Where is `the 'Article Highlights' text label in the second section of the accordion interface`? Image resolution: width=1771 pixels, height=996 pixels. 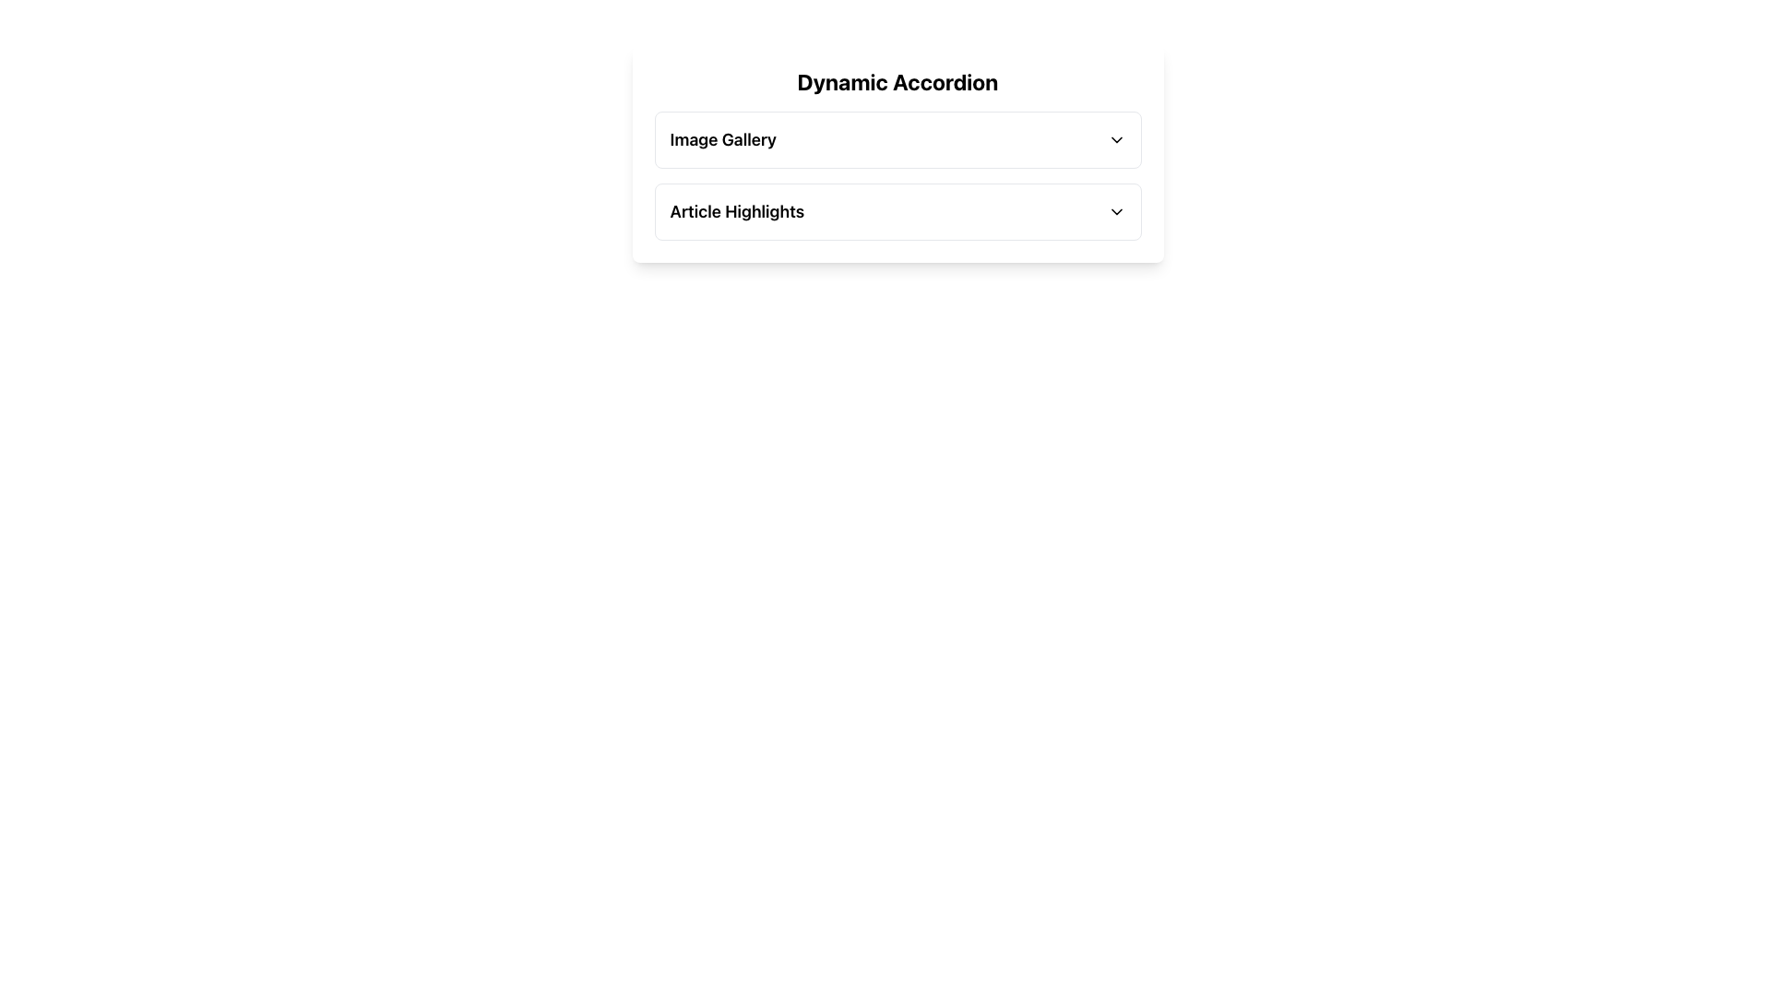 the 'Article Highlights' text label in the second section of the accordion interface is located at coordinates (736, 211).